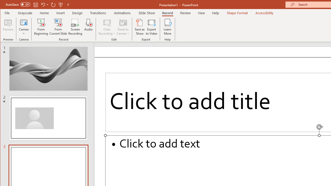 Image resolution: width=331 pixels, height=186 pixels. Describe the element at coordinates (265, 13) in the screenshot. I see `'Accessibility'` at that location.